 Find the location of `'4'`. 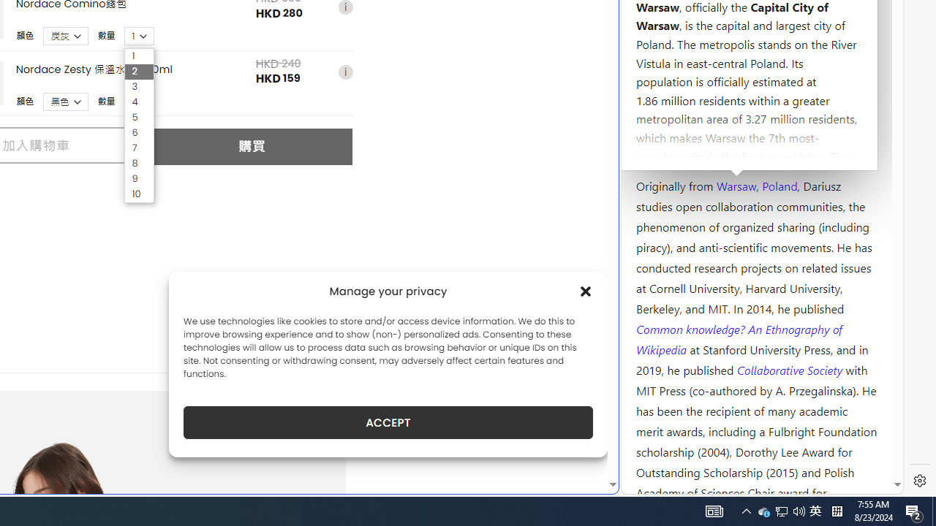

'4' is located at coordinates (139, 102).